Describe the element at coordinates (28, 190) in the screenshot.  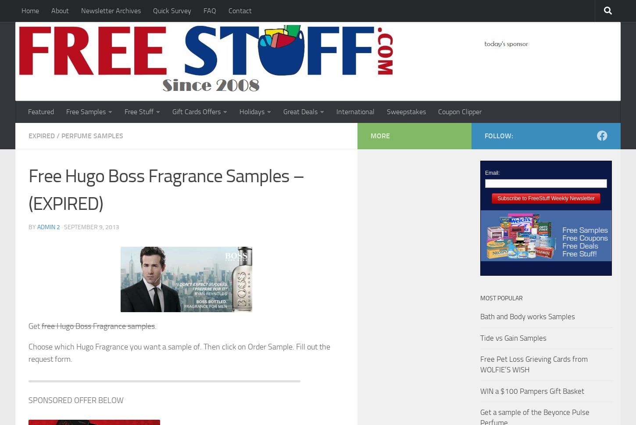
I see `'Free Hugo Boss Fragrance Samples – (EXPIRED)'` at that location.